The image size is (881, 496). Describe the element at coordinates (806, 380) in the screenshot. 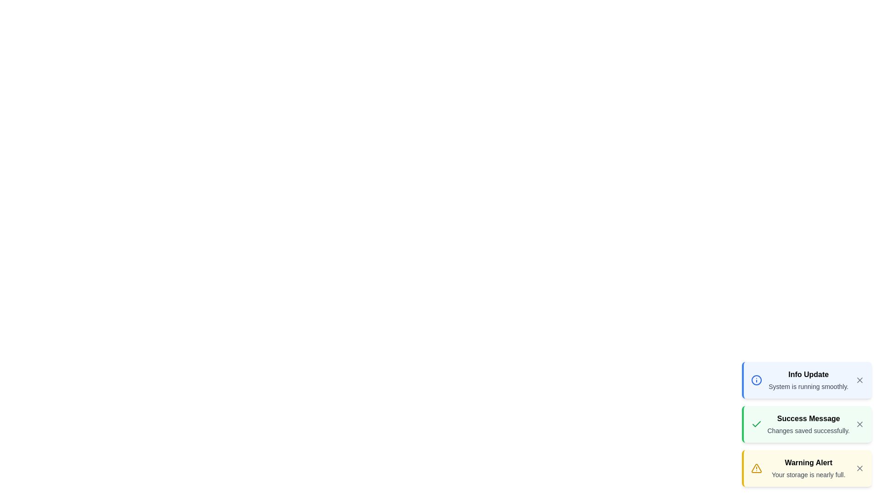

I see `the notification to read its details` at that location.